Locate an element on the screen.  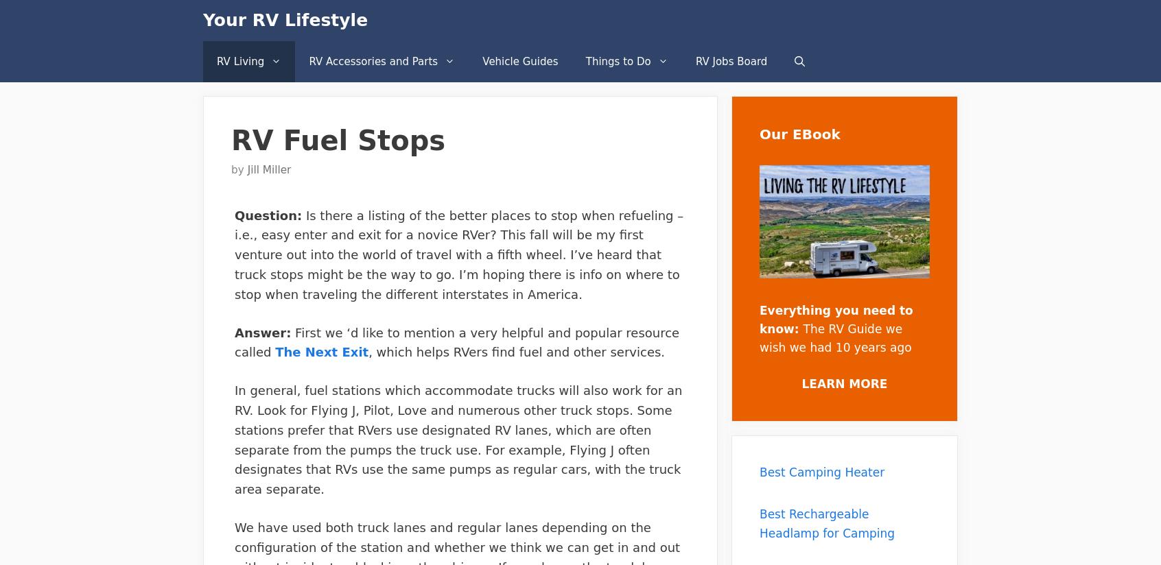
'RV Accessories and Parts' is located at coordinates (373, 60).